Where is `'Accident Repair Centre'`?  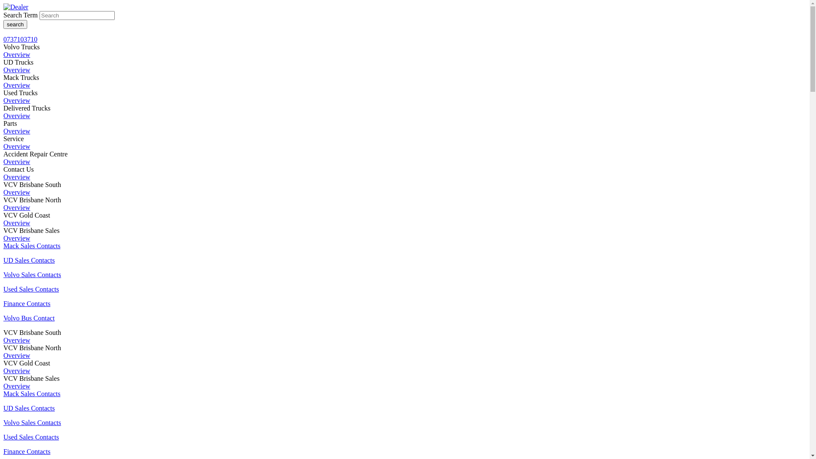 'Accident Repair Centre' is located at coordinates (35, 154).